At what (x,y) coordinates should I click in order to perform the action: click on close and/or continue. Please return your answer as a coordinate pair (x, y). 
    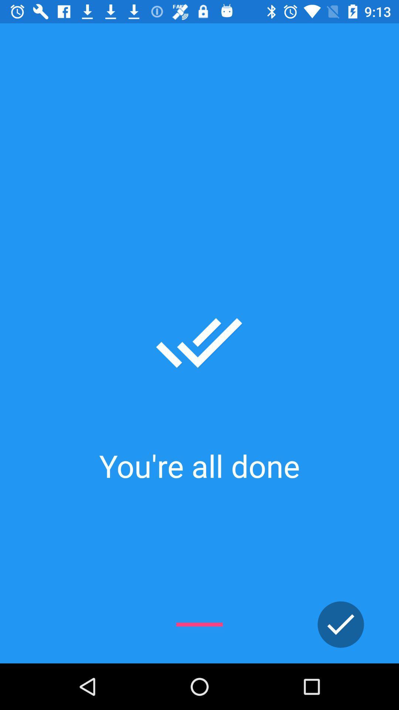
    Looking at the image, I should click on (341, 624).